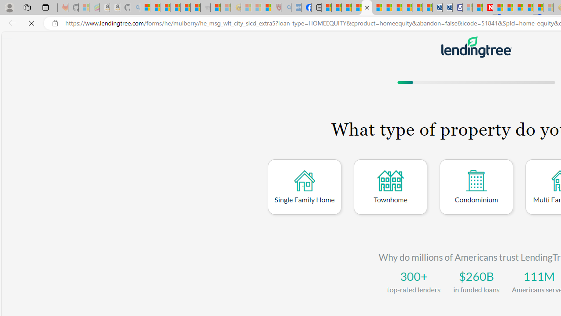 The height and width of the screenshot is (316, 561). Describe the element at coordinates (367, 7) in the screenshot. I see `'LendingTree - Compare Lenders'` at that location.